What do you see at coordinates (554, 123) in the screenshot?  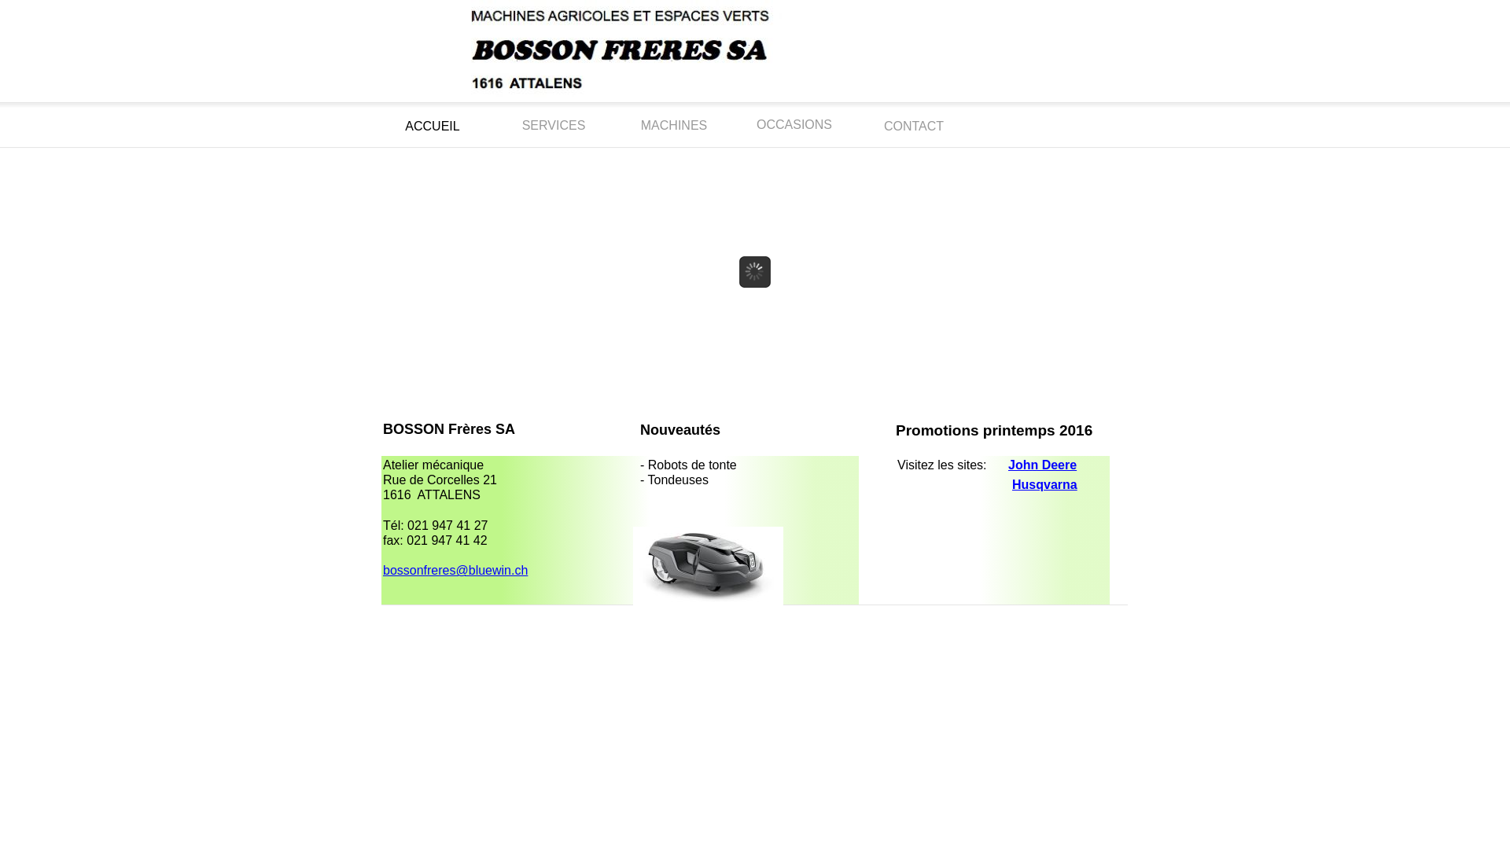 I see `'SERVICES'` at bounding box center [554, 123].